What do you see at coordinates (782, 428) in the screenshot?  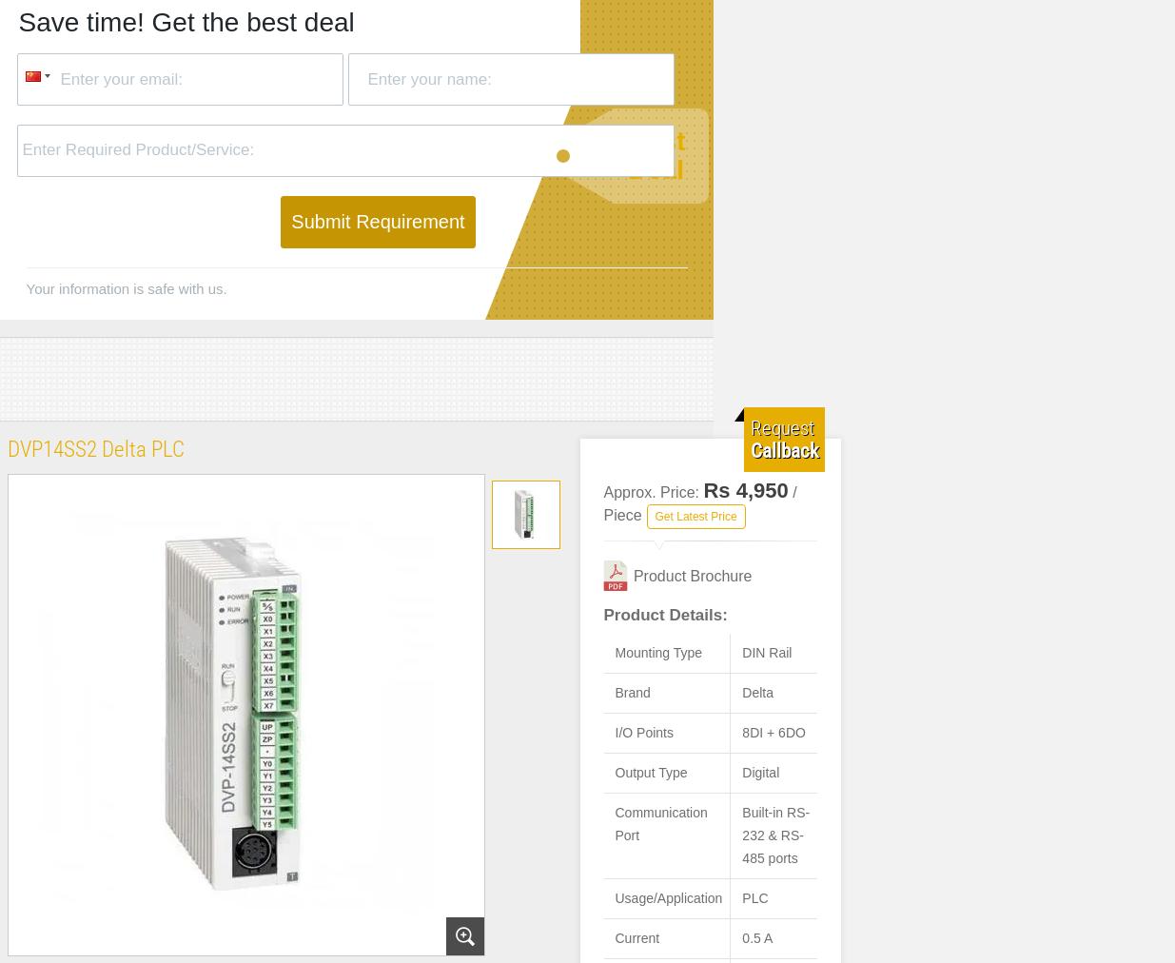 I see `'Request'` at bounding box center [782, 428].